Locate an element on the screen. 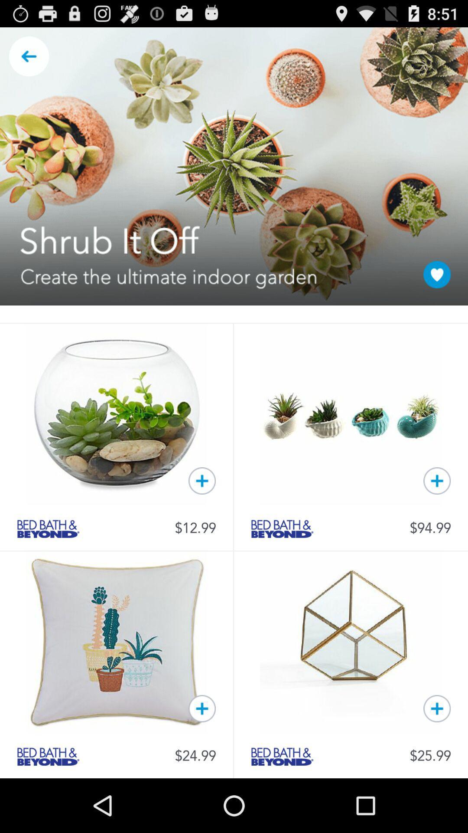  website link is located at coordinates (282, 756).